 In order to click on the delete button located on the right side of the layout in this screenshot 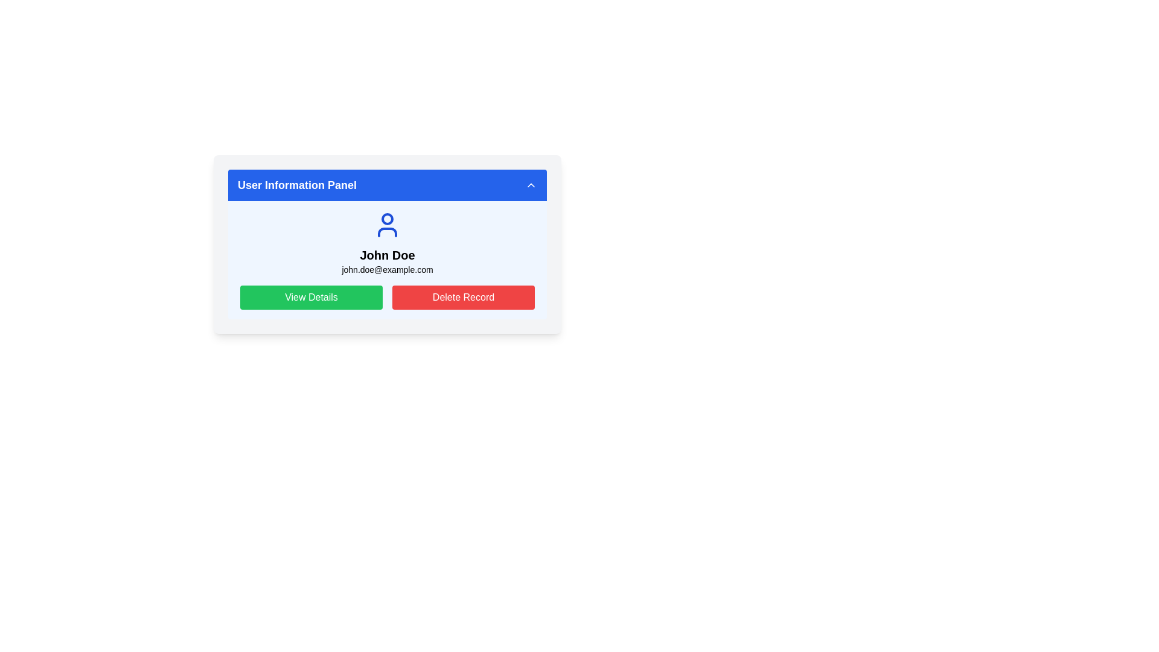, I will do `click(463, 298)`.